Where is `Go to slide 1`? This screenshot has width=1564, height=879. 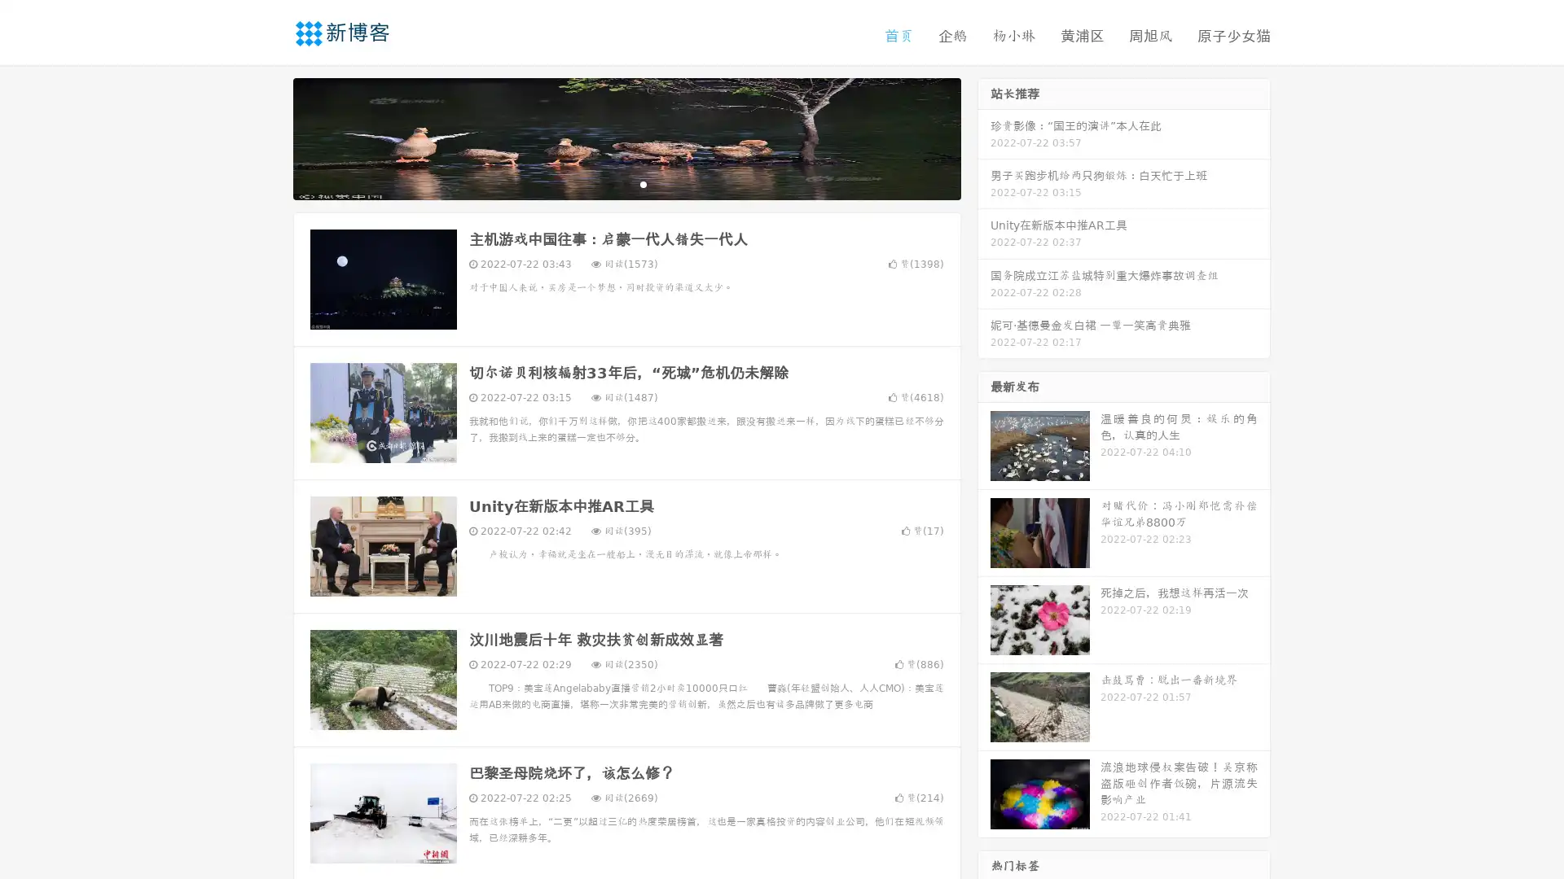 Go to slide 1 is located at coordinates (609, 183).